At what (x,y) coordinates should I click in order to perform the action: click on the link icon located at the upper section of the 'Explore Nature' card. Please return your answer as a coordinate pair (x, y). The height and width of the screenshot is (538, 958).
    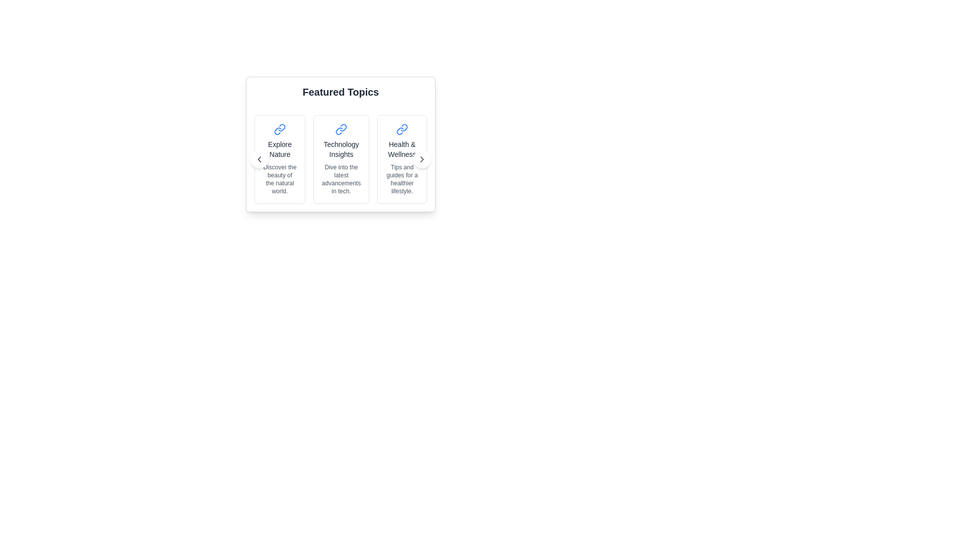
    Looking at the image, I should click on (279, 129).